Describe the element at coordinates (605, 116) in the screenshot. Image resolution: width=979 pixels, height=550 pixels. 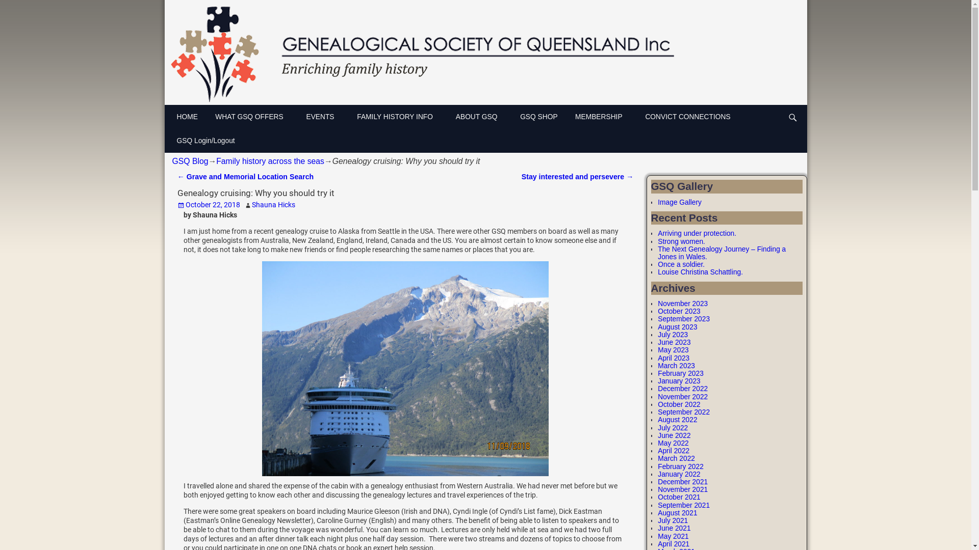
I see `'MEMBERSHIP'` at that location.